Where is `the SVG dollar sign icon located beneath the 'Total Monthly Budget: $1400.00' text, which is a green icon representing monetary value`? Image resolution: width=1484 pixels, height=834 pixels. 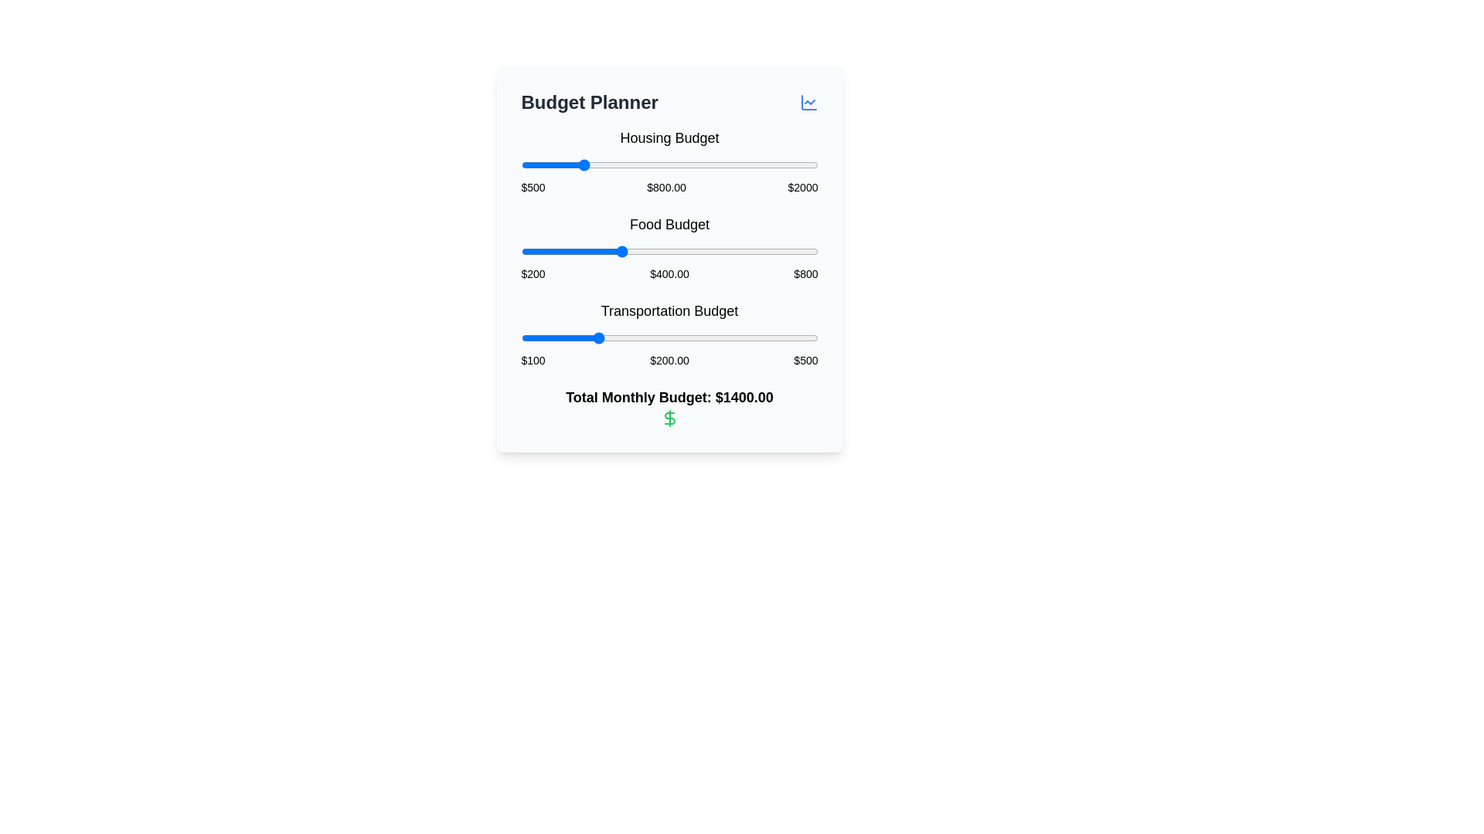
the SVG dollar sign icon located beneath the 'Total Monthly Budget: $1400.00' text, which is a green icon representing monetary value is located at coordinates (669, 418).